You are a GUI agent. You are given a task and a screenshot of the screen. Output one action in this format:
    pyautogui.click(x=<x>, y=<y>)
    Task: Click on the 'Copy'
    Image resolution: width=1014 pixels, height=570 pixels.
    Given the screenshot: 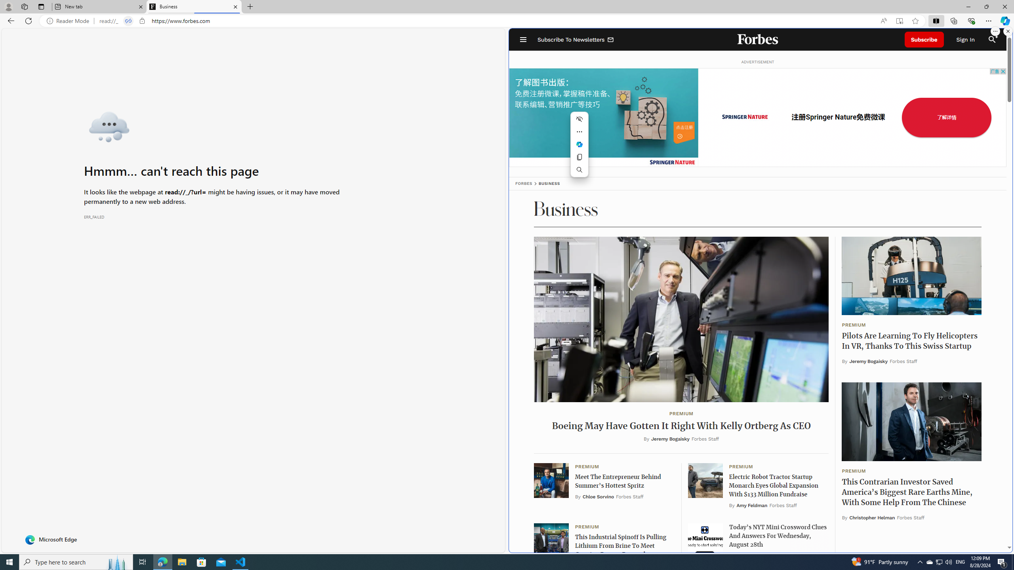 What is the action you would take?
    pyautogui.click(x=579, y=157)
    